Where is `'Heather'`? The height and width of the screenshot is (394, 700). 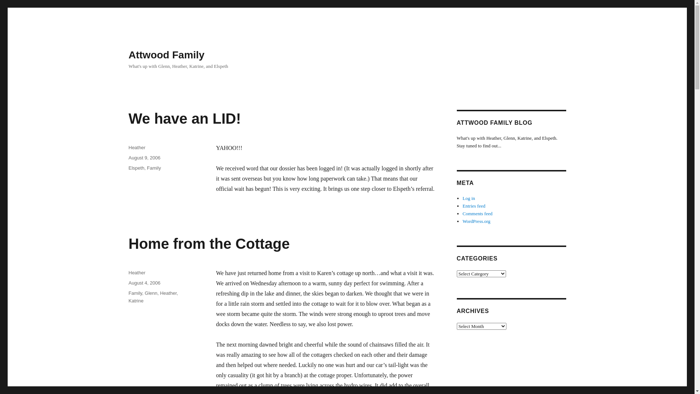
'Heather' is located at coordinates (136, 273).